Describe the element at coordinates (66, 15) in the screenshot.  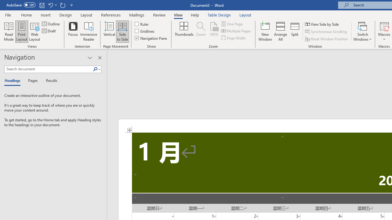
I see `'Design'` at that location.